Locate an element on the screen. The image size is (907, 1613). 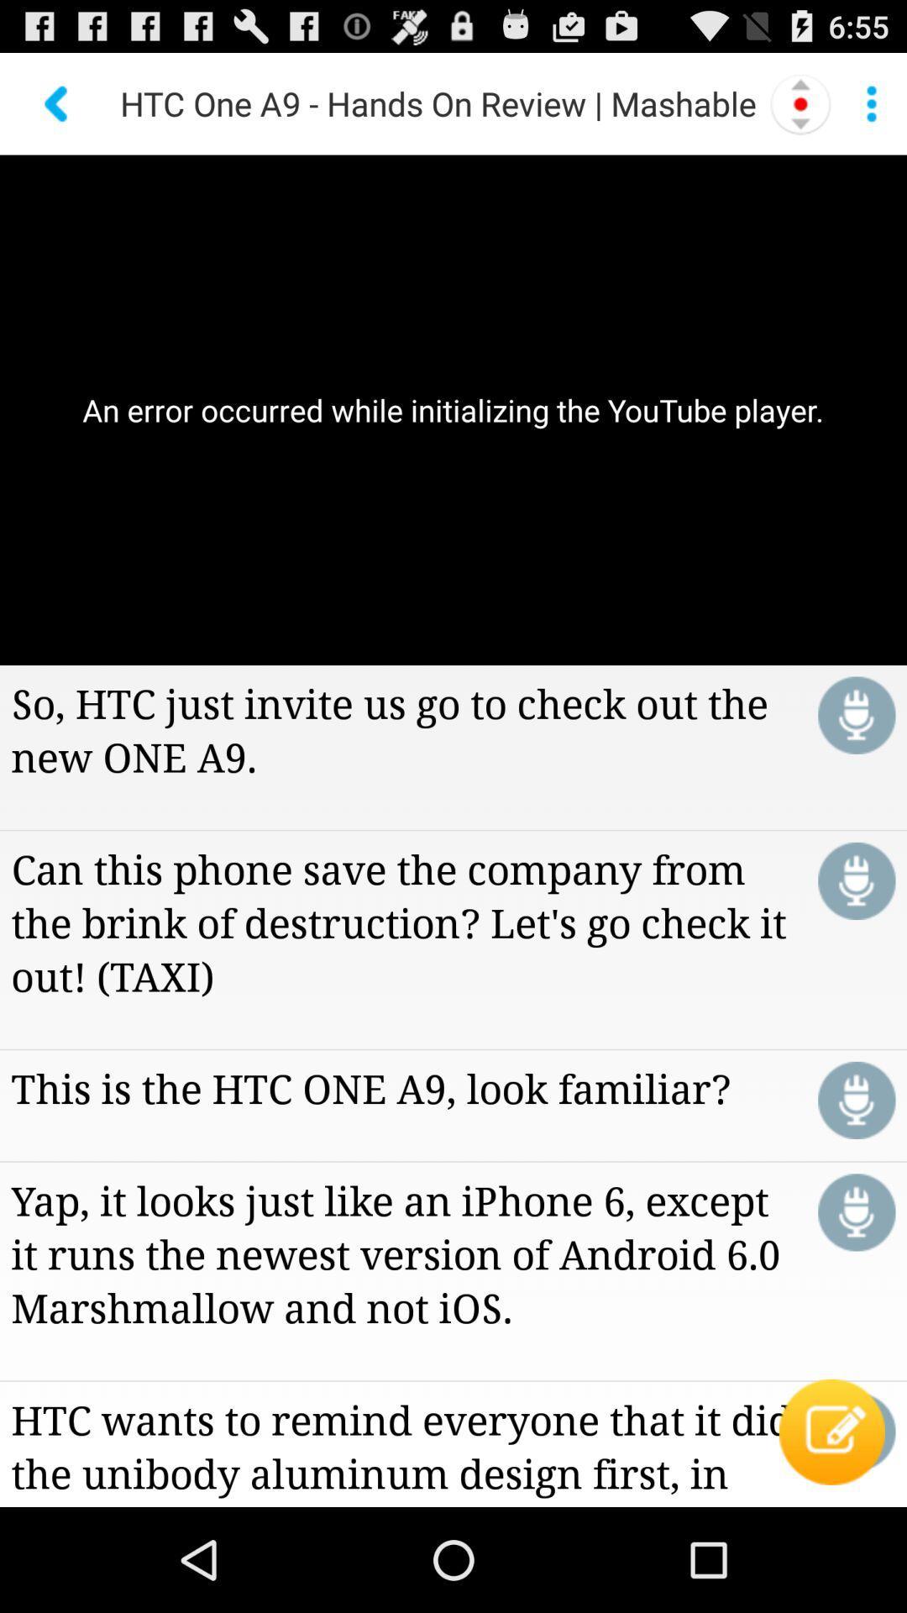
say sentence is located at coordinates (857, 1100).